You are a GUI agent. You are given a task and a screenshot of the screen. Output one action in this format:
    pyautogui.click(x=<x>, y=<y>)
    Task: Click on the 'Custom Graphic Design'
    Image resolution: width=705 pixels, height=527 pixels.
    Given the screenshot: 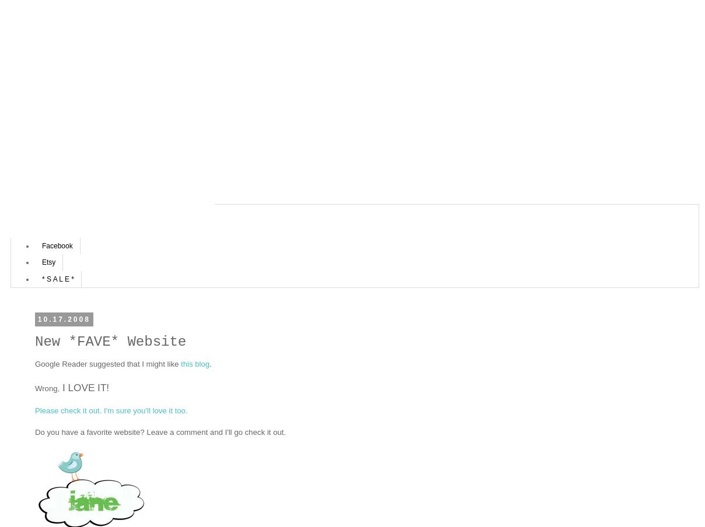 What is the action you would take?
    pyautogui.click(x=78, y=228)
    